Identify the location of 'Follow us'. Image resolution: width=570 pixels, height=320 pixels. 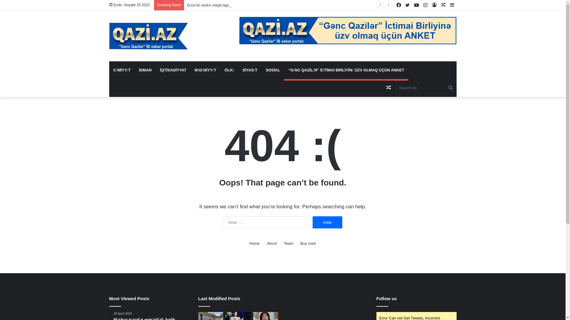
(387, 298).